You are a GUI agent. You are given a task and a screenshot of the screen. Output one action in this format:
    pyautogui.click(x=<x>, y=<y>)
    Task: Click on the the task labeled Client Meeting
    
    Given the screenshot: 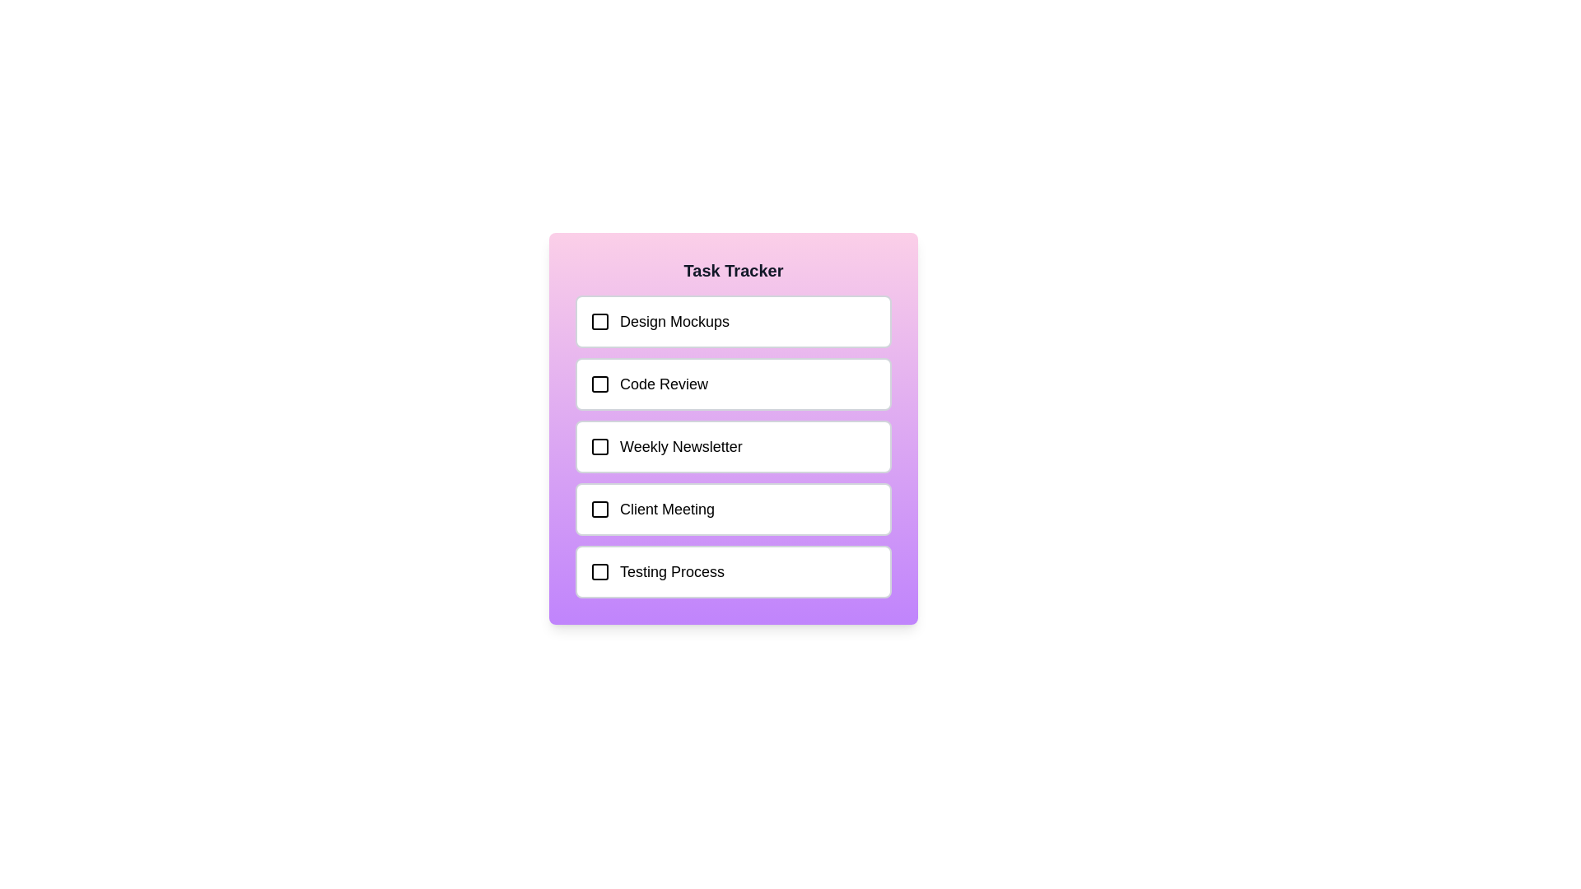 What is the action you would take?
    pyautogui.click(x=733, y=508)
    